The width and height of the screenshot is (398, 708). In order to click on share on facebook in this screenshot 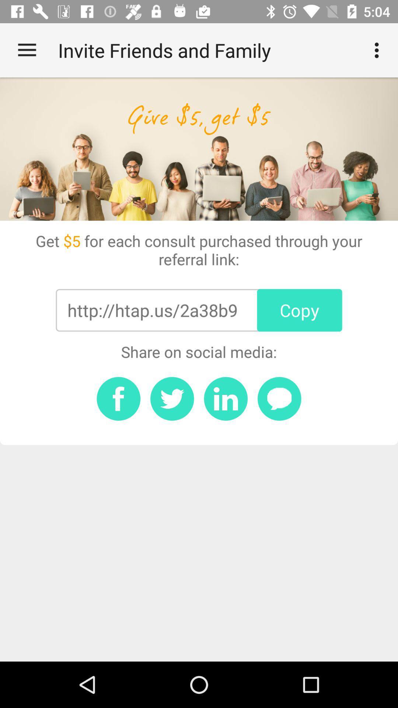, I will do `click(118, 398)`.